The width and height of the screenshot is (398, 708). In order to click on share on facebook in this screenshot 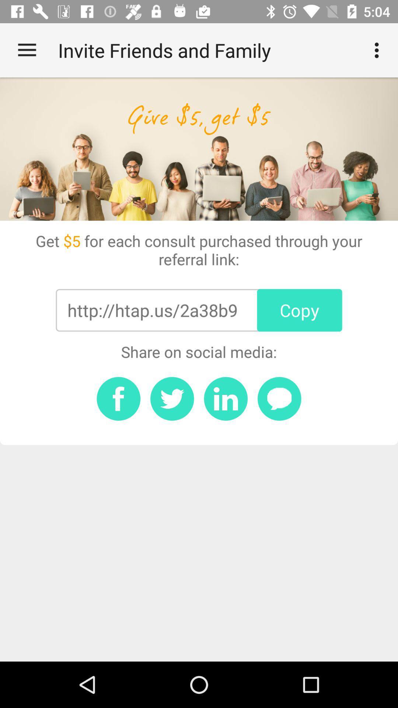, I will do `click(118, 398)`.